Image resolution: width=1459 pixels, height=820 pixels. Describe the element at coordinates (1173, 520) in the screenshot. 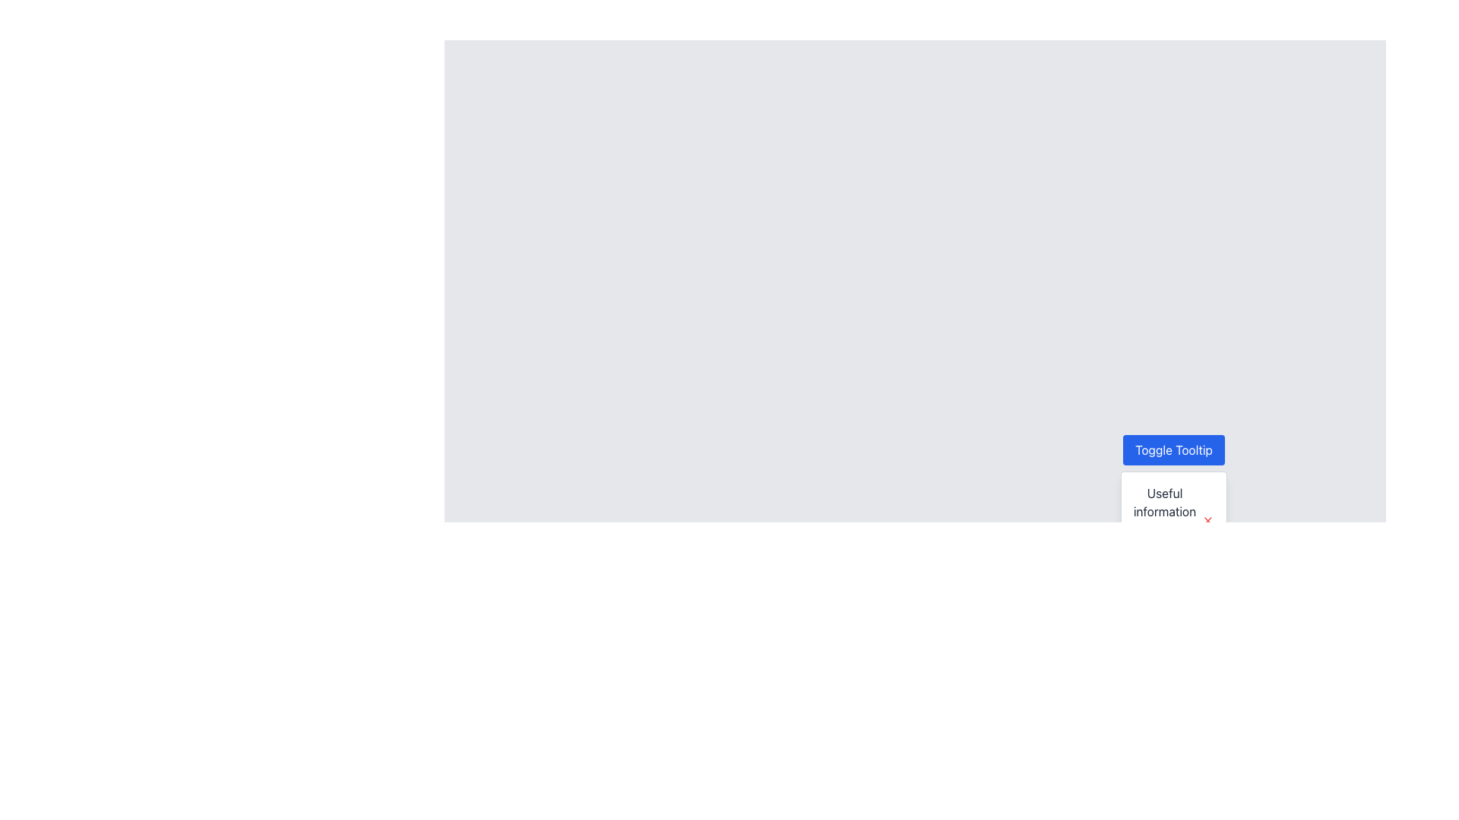

I see `the informational text display in the tooltip section located at the bottom center of the viewport` at that location.